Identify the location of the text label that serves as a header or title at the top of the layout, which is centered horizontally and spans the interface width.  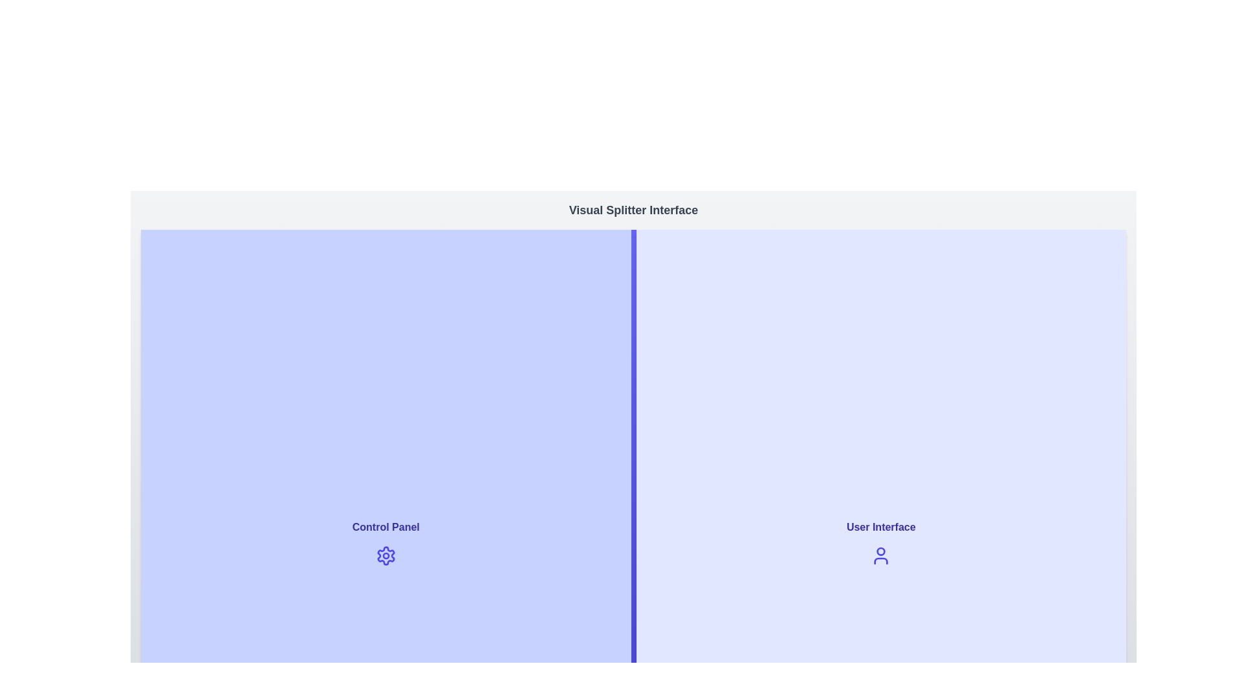
(633, 209).